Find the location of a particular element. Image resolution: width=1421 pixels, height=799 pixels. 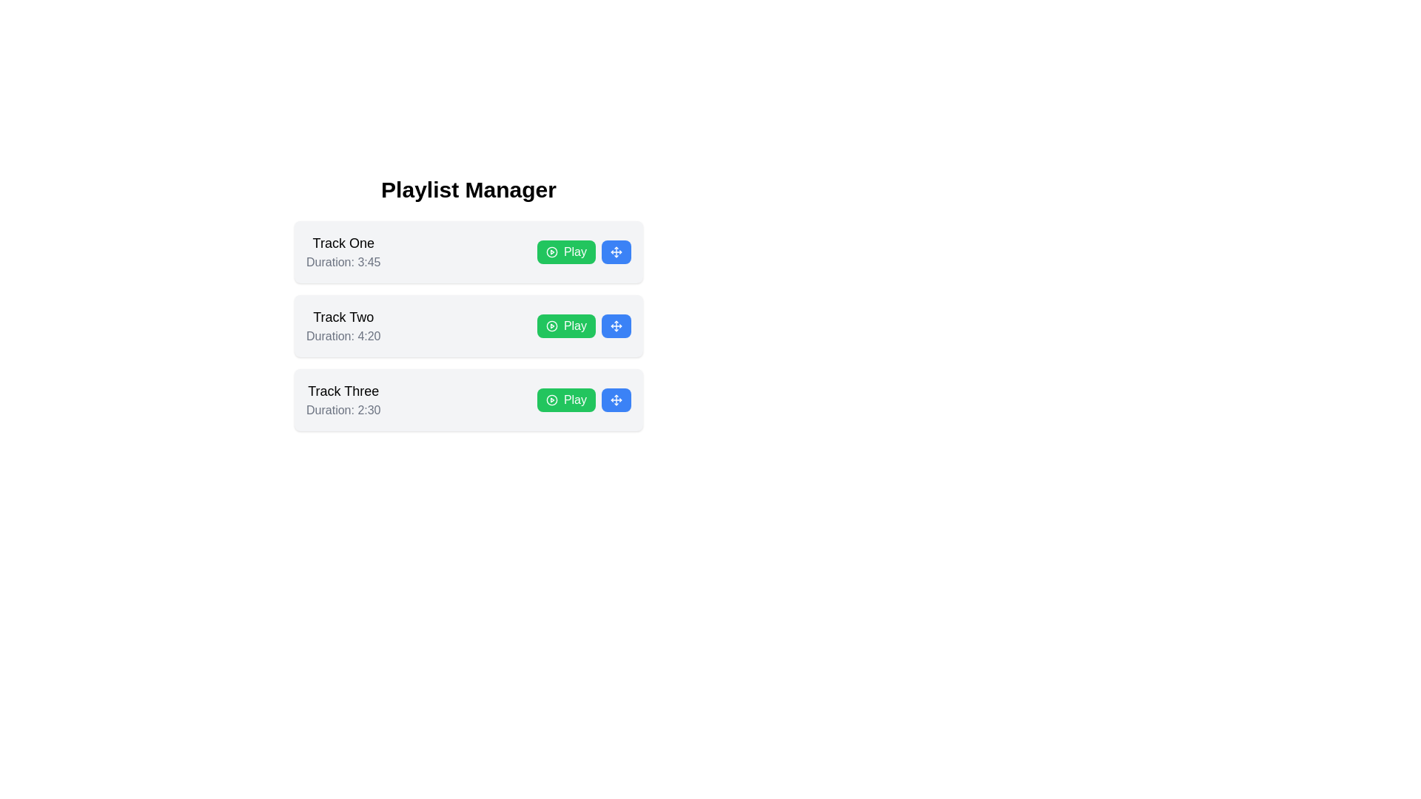

the reorder button located at the top right corner of the first track row in the playlist is located at coordinates (617, 251).